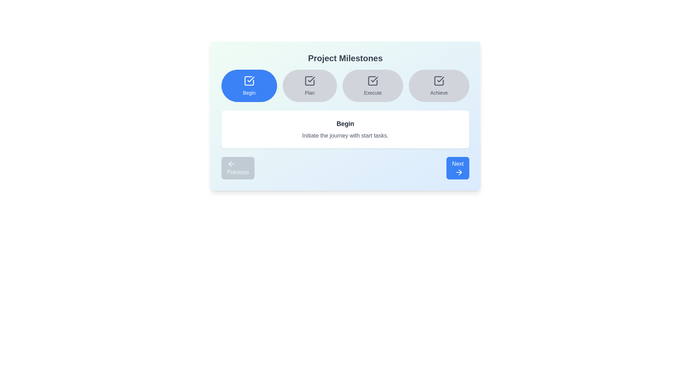 Image resolution: width=676 pixels, height=380 pixels. Describe the element at coordinates (373, 92) in the screenshot. I see `the text label providing context for the 'Execute' milestone button, located directly below the checkbox icon inside the rounded rectangular button` at that location.